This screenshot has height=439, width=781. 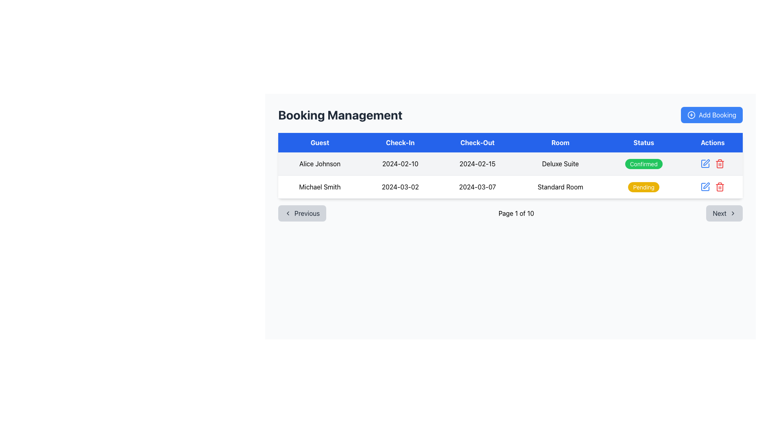 I want to click on the header label for the third column in the 'Booking Management' section, which indicates check-out dates for records, so click(x=477, y=142).